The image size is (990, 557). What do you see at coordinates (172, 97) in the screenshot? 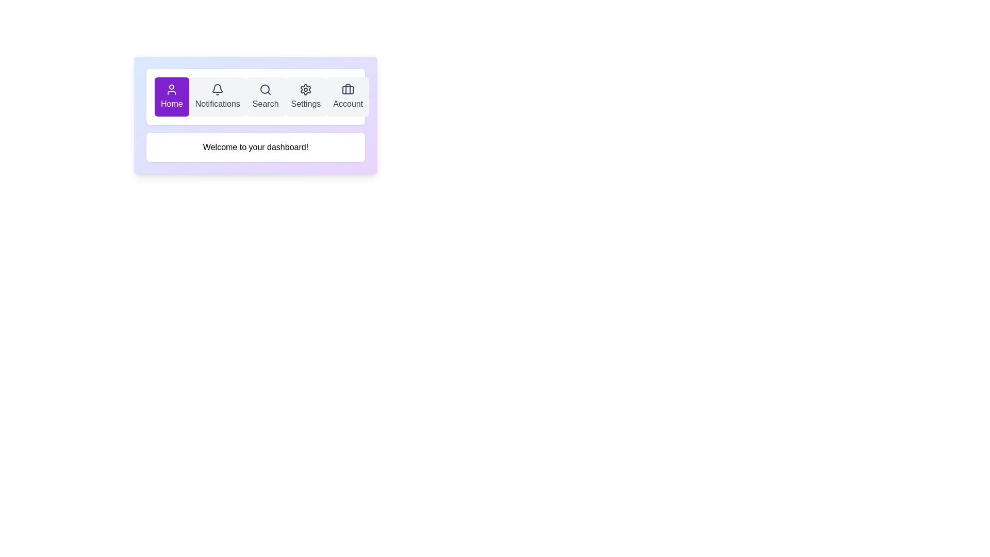
I see `the 'Home' button located at the leftmost position of the navigation bar` at bounding box center [172, 97].